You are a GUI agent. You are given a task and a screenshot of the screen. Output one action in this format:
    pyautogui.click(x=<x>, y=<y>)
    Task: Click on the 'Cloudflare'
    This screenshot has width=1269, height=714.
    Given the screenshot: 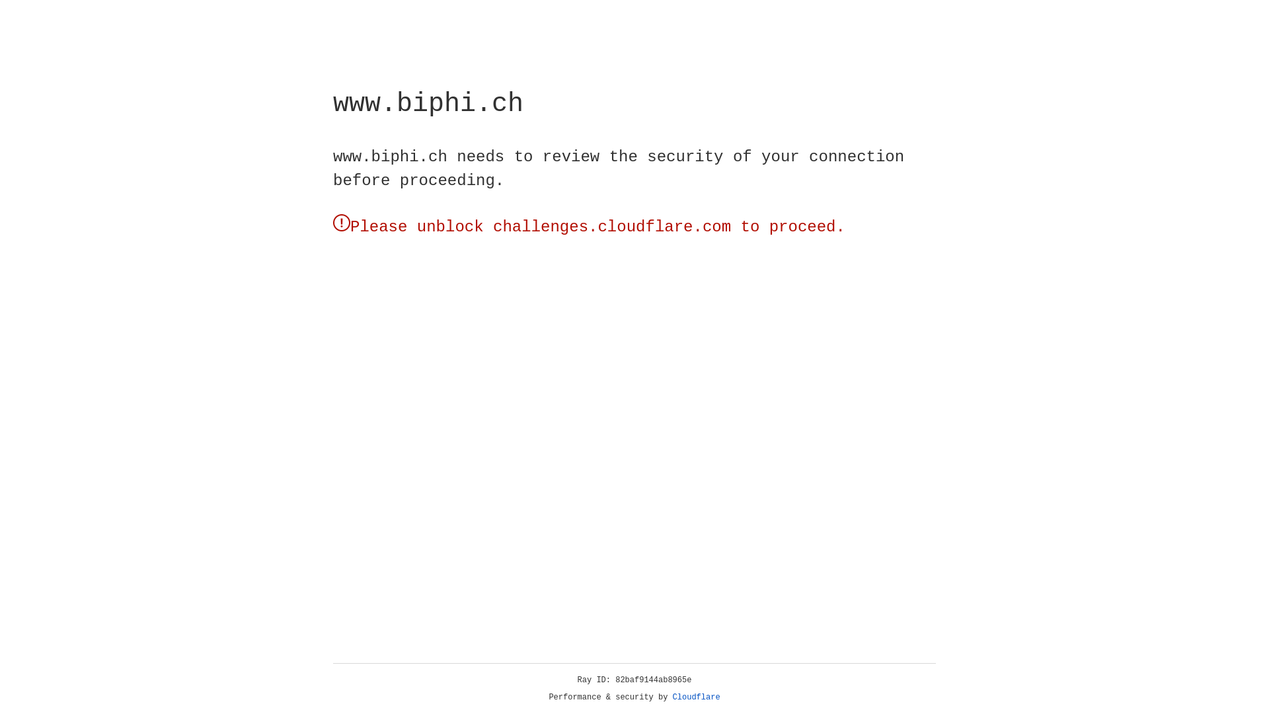 What is the action you would take?
    pyautogui.click(x=672, y=697)
    